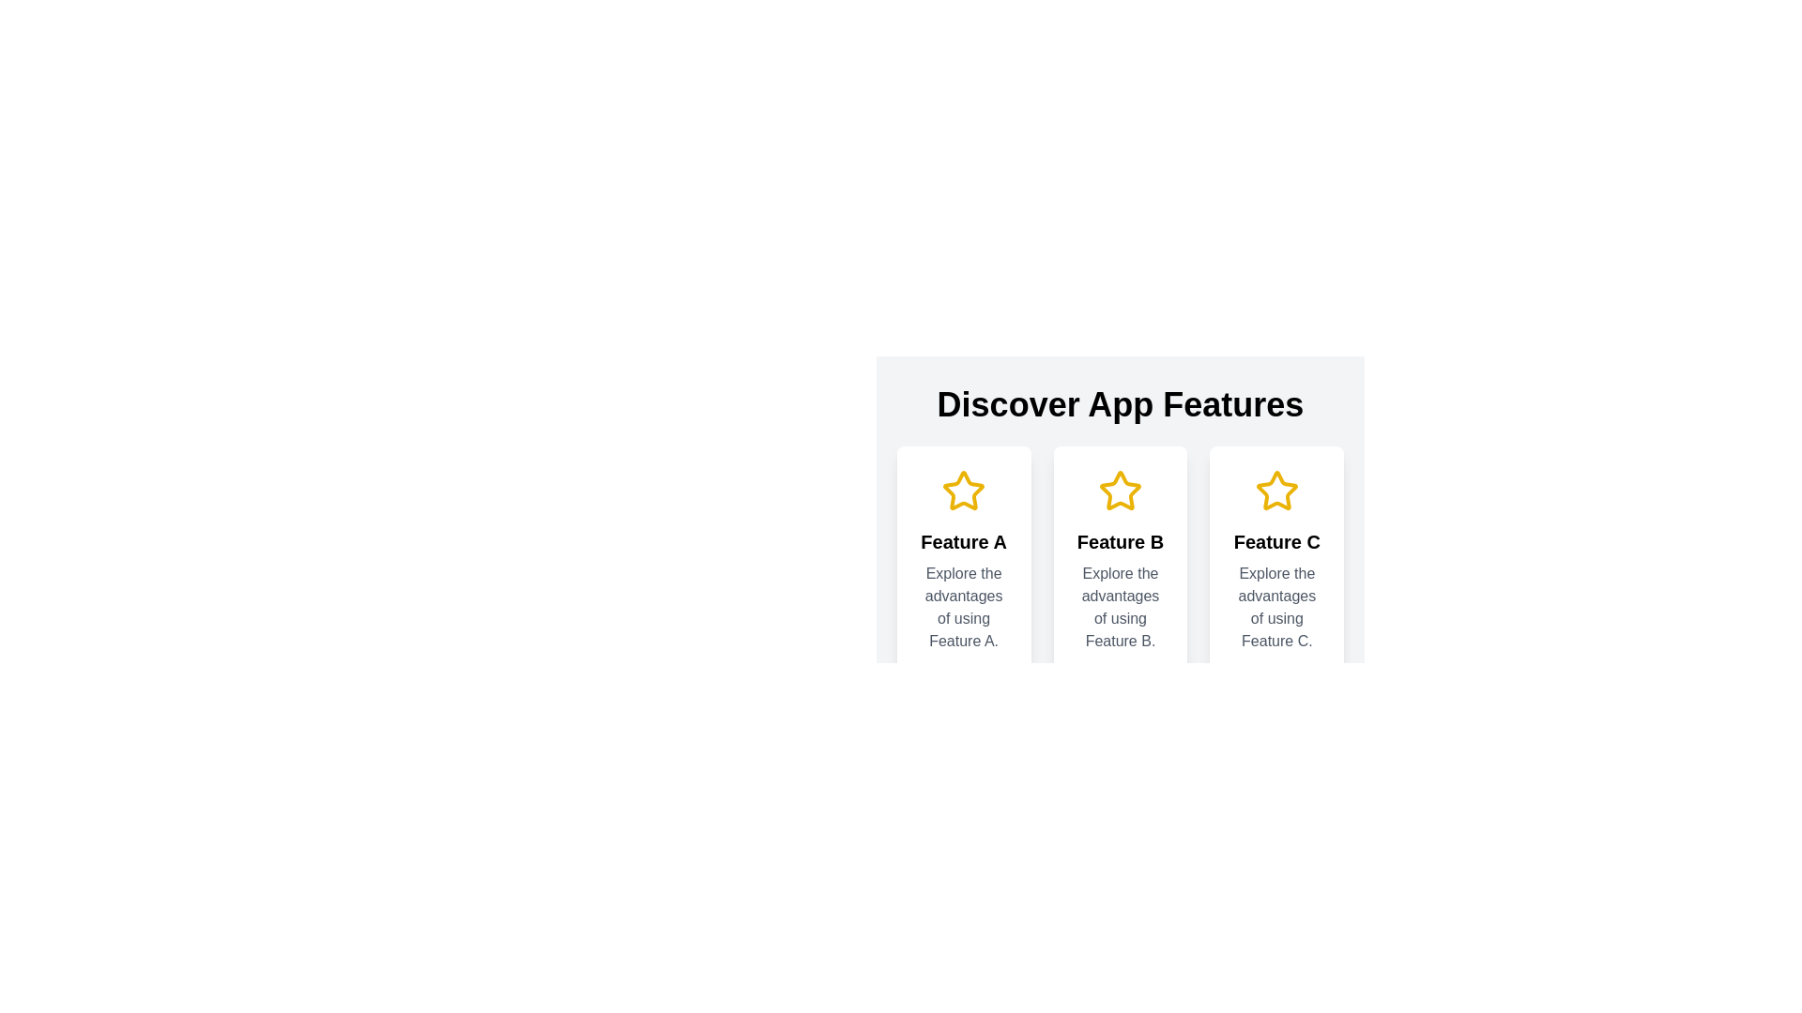 Image resolution: width=1802 pixels, height=1013 pixels. What do you see at coordinates (1276, 608) in the screenshot?
I see `the Text Label that provides a description for Feature C, located below the heading 'Feature C' in a card layout` at bounding box center [1276, 608].